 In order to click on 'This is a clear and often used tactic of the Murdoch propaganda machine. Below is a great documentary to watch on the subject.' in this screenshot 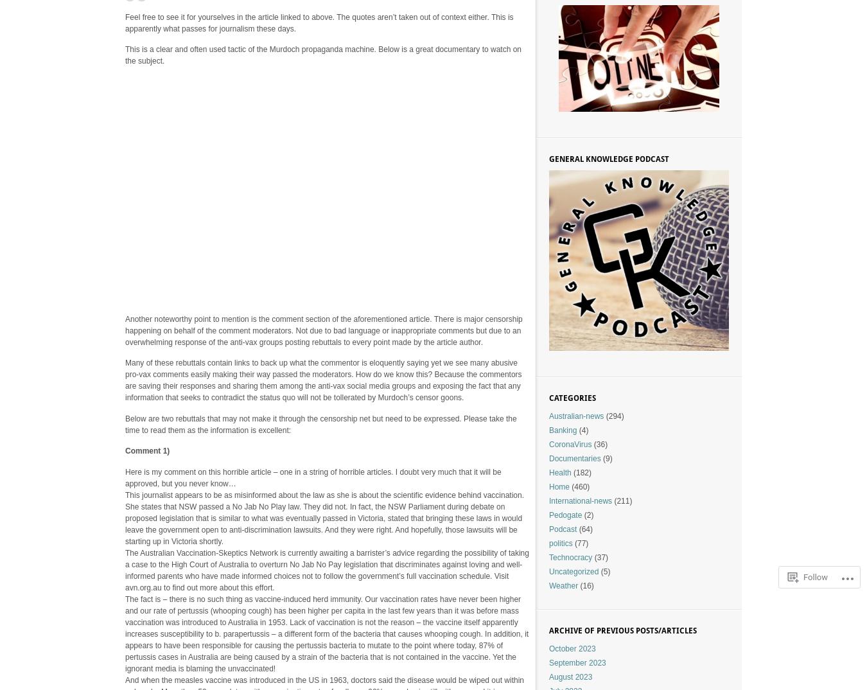, I will do `click(322, 55)`.